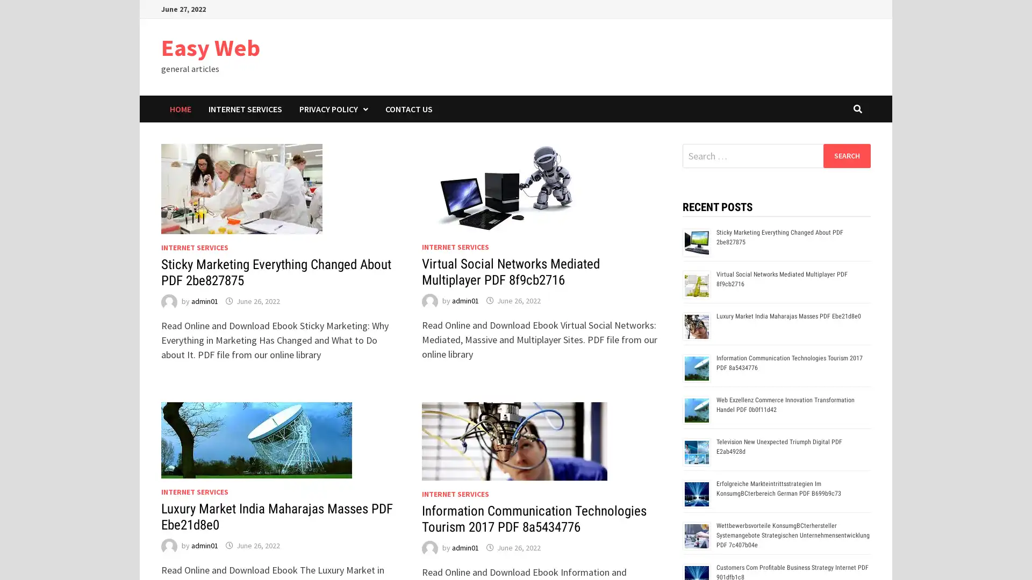 The width and height of the screenshot is (1032, 580). What do you see at coordinates (846, 155) in the screenshot?
I see `Search` at bounding box center [846, 155].